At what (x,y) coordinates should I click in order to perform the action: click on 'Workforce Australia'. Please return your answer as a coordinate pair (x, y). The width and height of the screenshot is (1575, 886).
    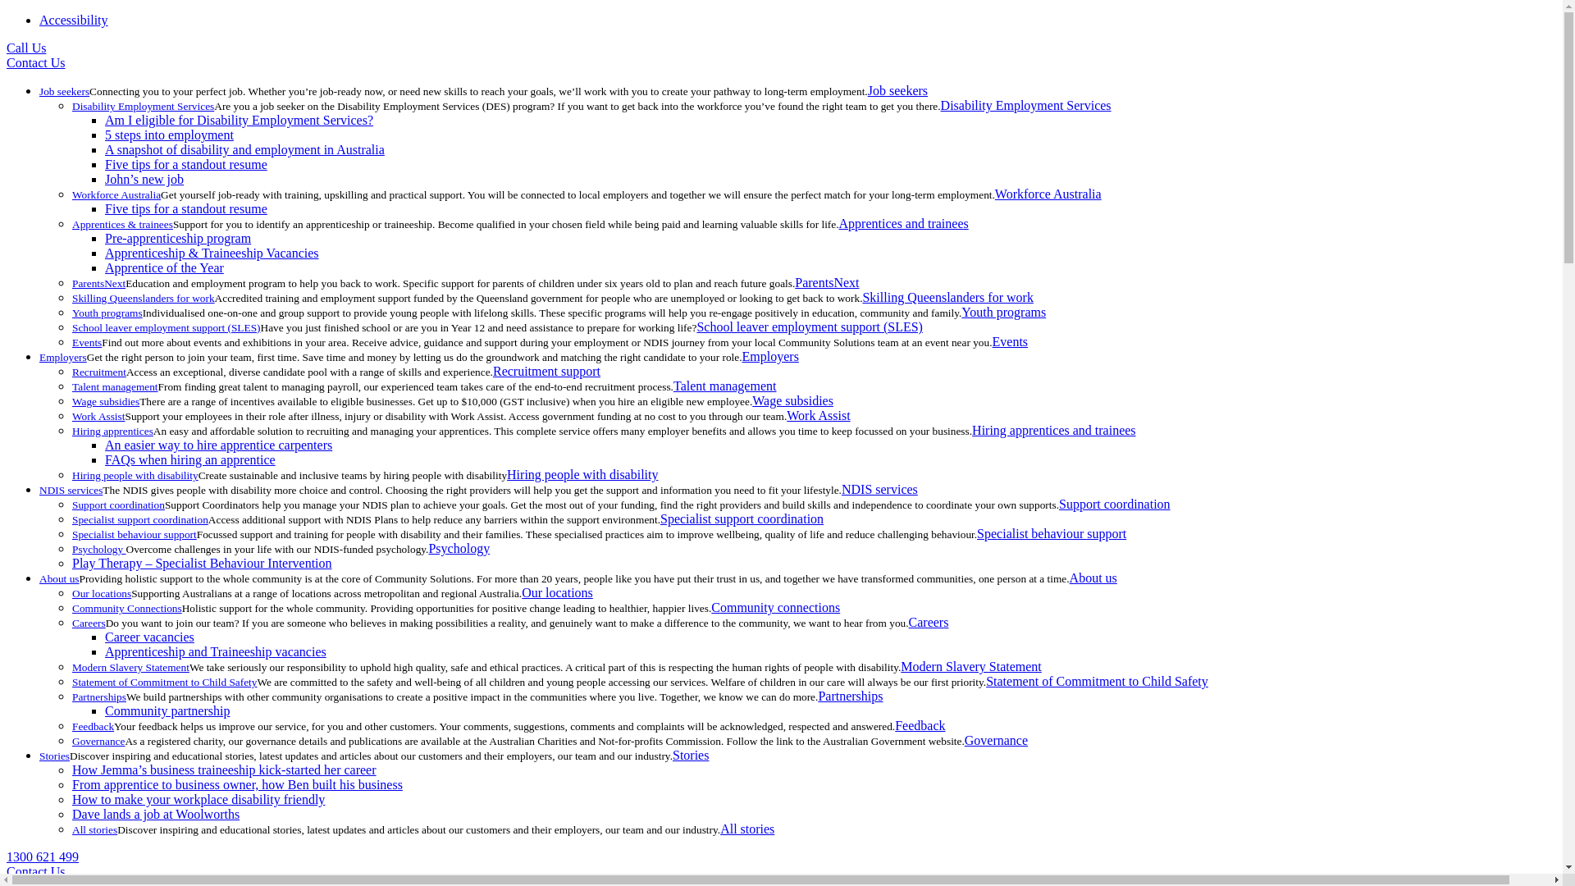
    Looking at the image, I should click on (994, 193).